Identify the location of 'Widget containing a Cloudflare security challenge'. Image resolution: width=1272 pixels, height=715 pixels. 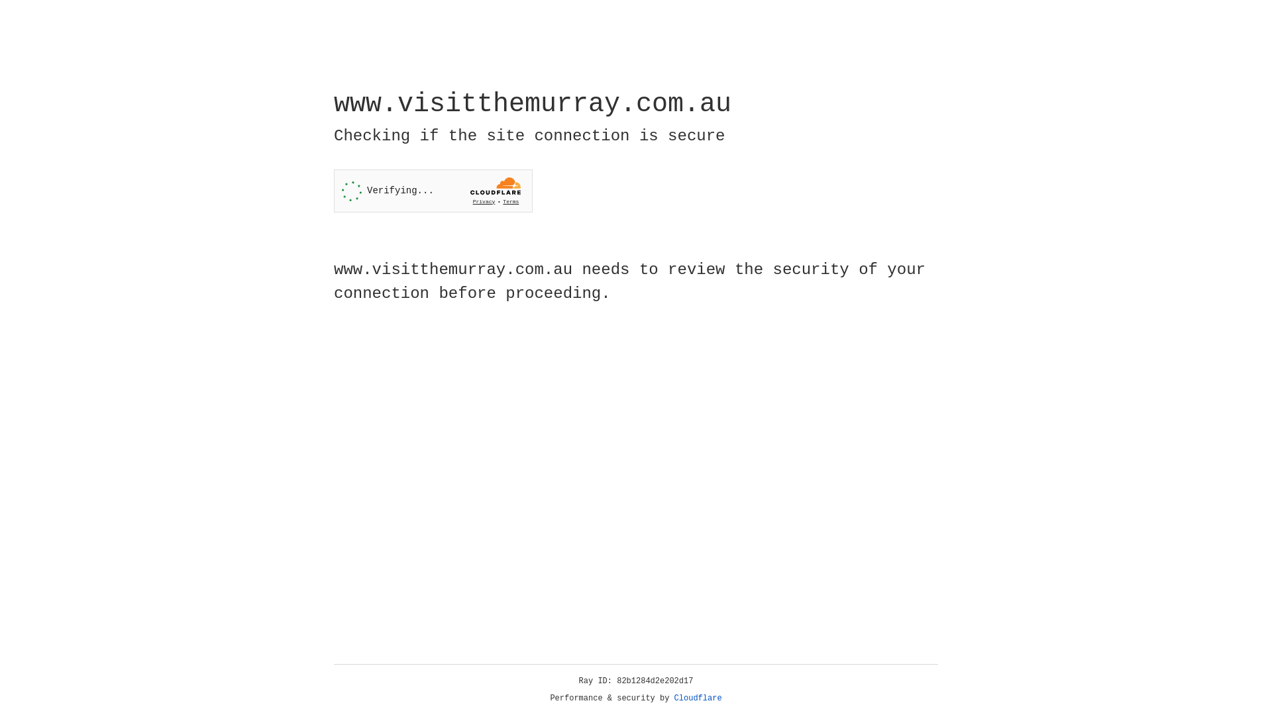
(433, 191).